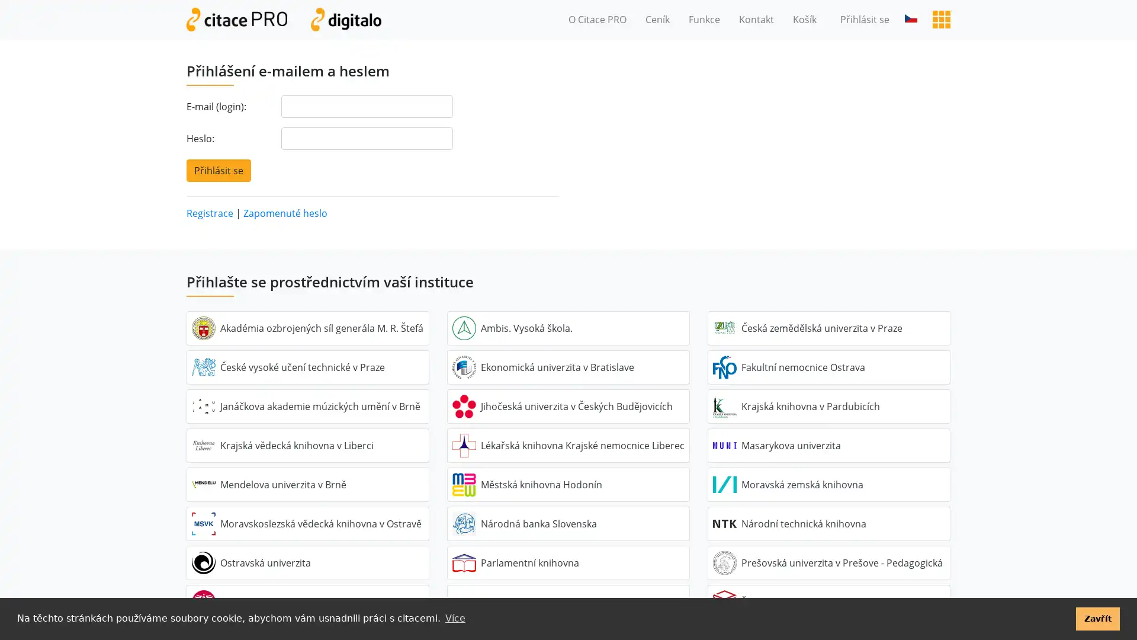  I want to click on dismiss cookie message, so click(1097, 618).